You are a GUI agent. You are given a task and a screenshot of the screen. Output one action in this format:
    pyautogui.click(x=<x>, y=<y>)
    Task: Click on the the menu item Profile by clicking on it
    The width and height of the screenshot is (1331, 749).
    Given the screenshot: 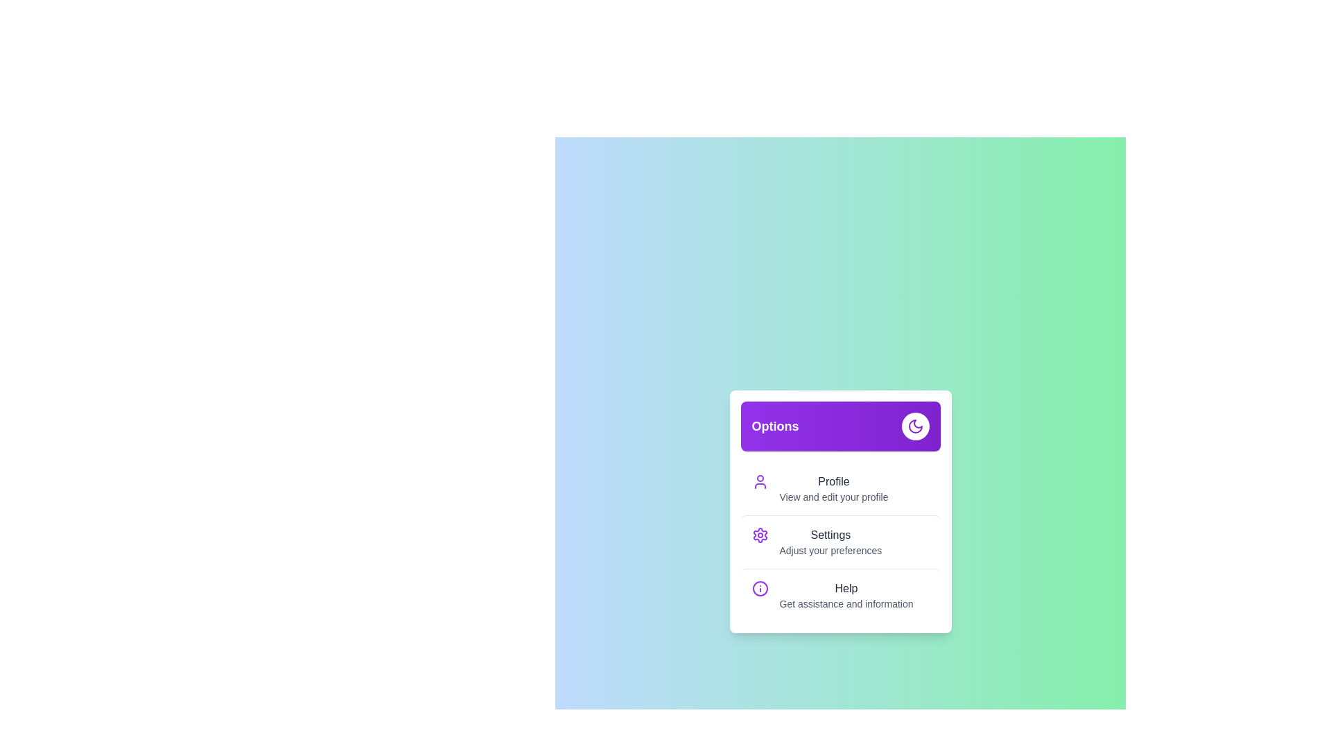 What is the action you would take?
    pyautogui.click(x=840, y=488)
    